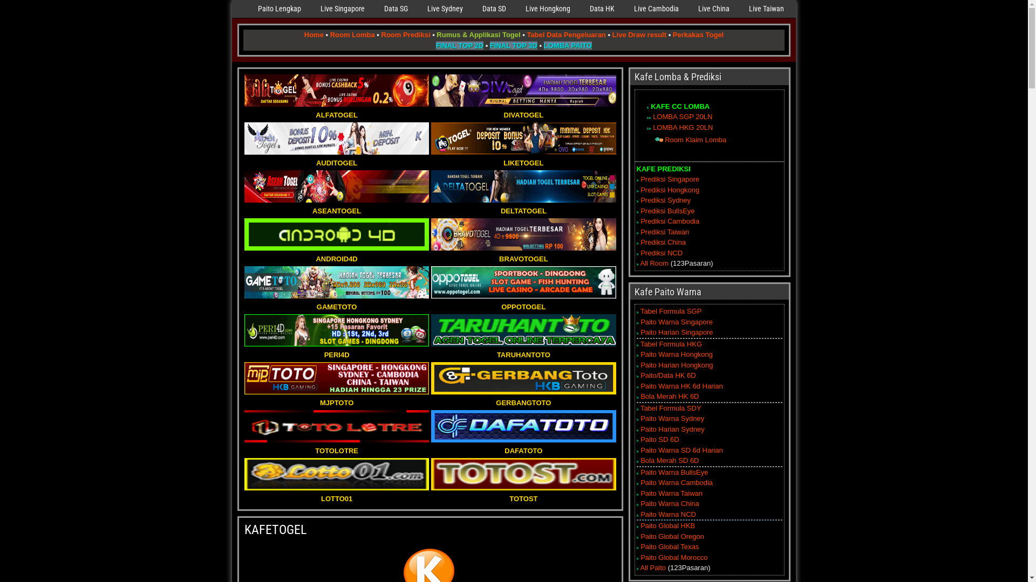 Image resolution: width=1036 pixels, height=582 pixels. What do you see at coordinates (676, 331) in the screenshot?
I see `'Paito Harian Singapore'` at bounding box center [676, 331].